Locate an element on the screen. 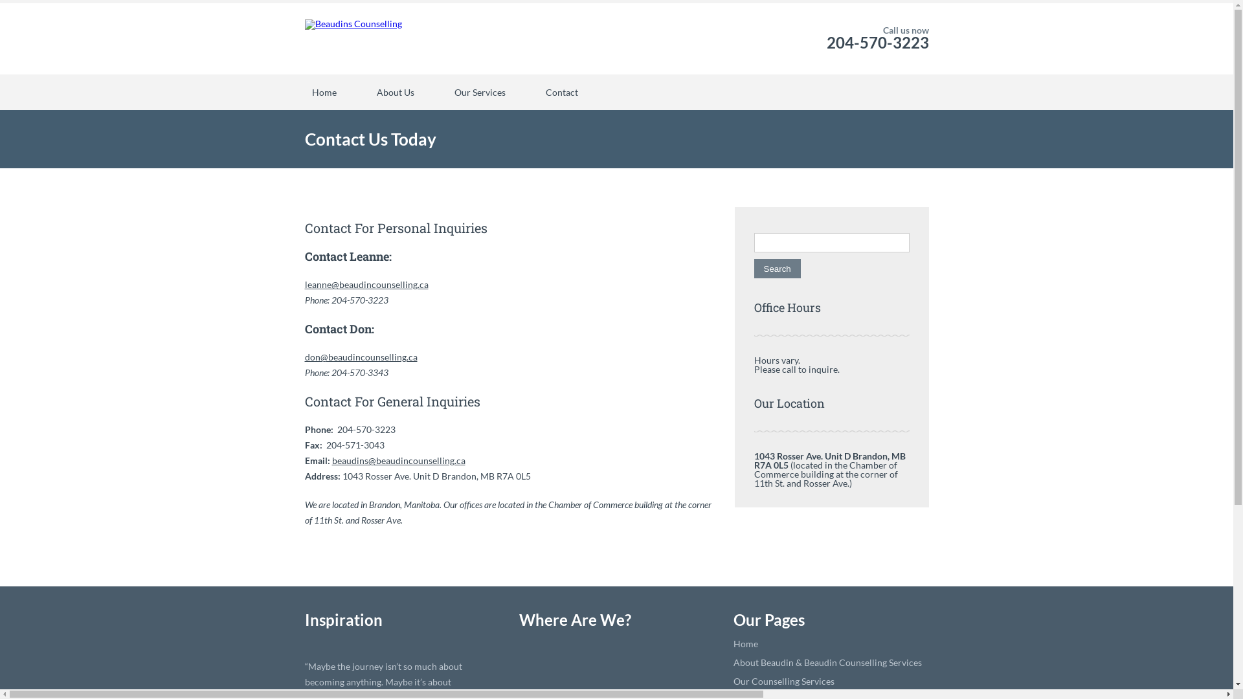  'Beaudins Counselling' is located at coordinates (353, 25).